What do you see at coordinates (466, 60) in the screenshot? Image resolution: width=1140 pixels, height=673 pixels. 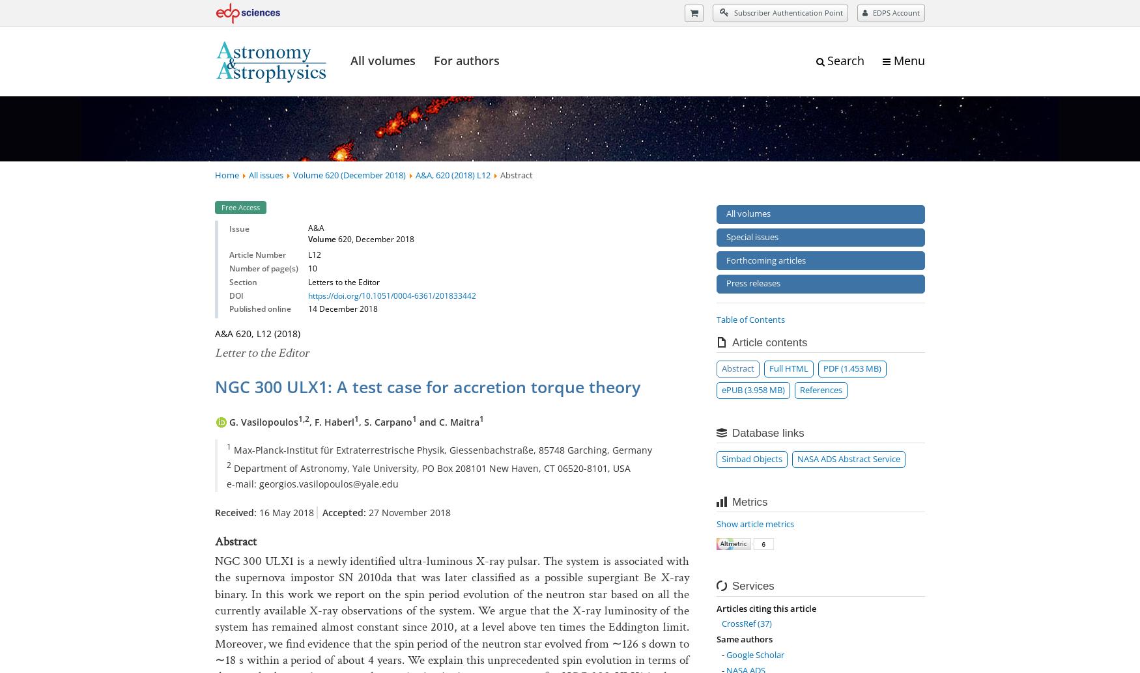 I see `'For authors'` at bounding box center [466, 60].